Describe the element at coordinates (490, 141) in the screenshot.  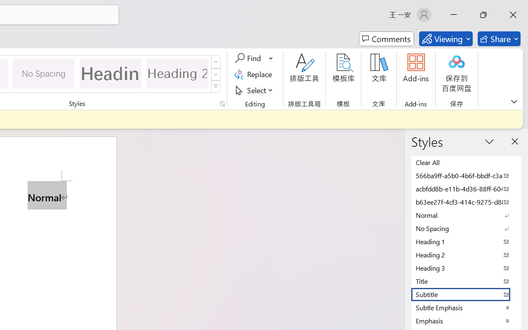
I see `'Task Pane Options'` at that location.